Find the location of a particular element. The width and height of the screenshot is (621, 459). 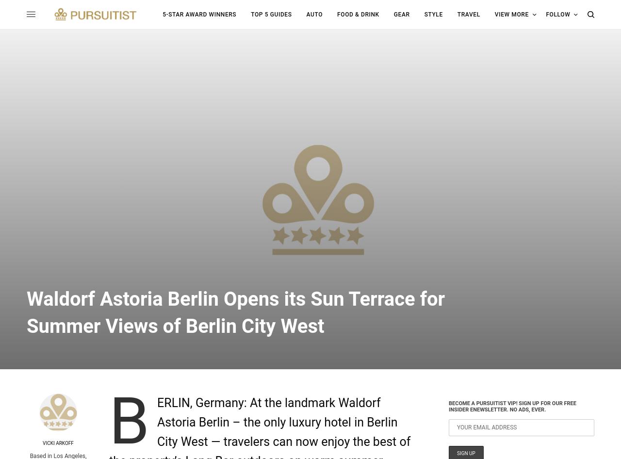

'Travel' is located at coordinates (468, 14).